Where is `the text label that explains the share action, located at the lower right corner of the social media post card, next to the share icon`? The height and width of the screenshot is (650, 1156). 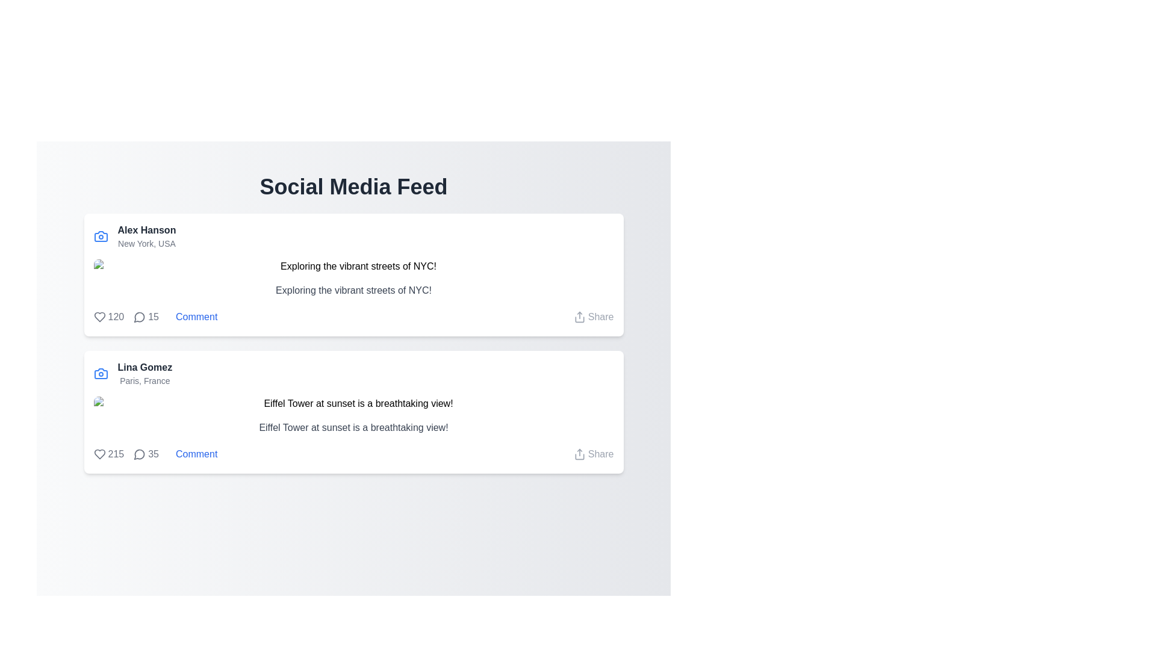 the text label that explains the share action, located at the lower right corner of the social media post card, next to the share icon is located at coordinates (601, 454).